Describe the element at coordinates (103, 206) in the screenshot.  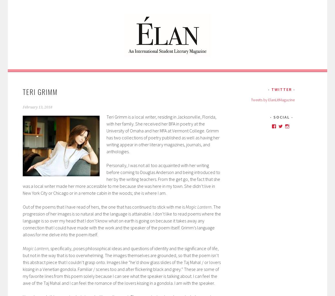
I see `'Out of the poems that I have read of hers, the one that has continued to stick with me is'` at that location.